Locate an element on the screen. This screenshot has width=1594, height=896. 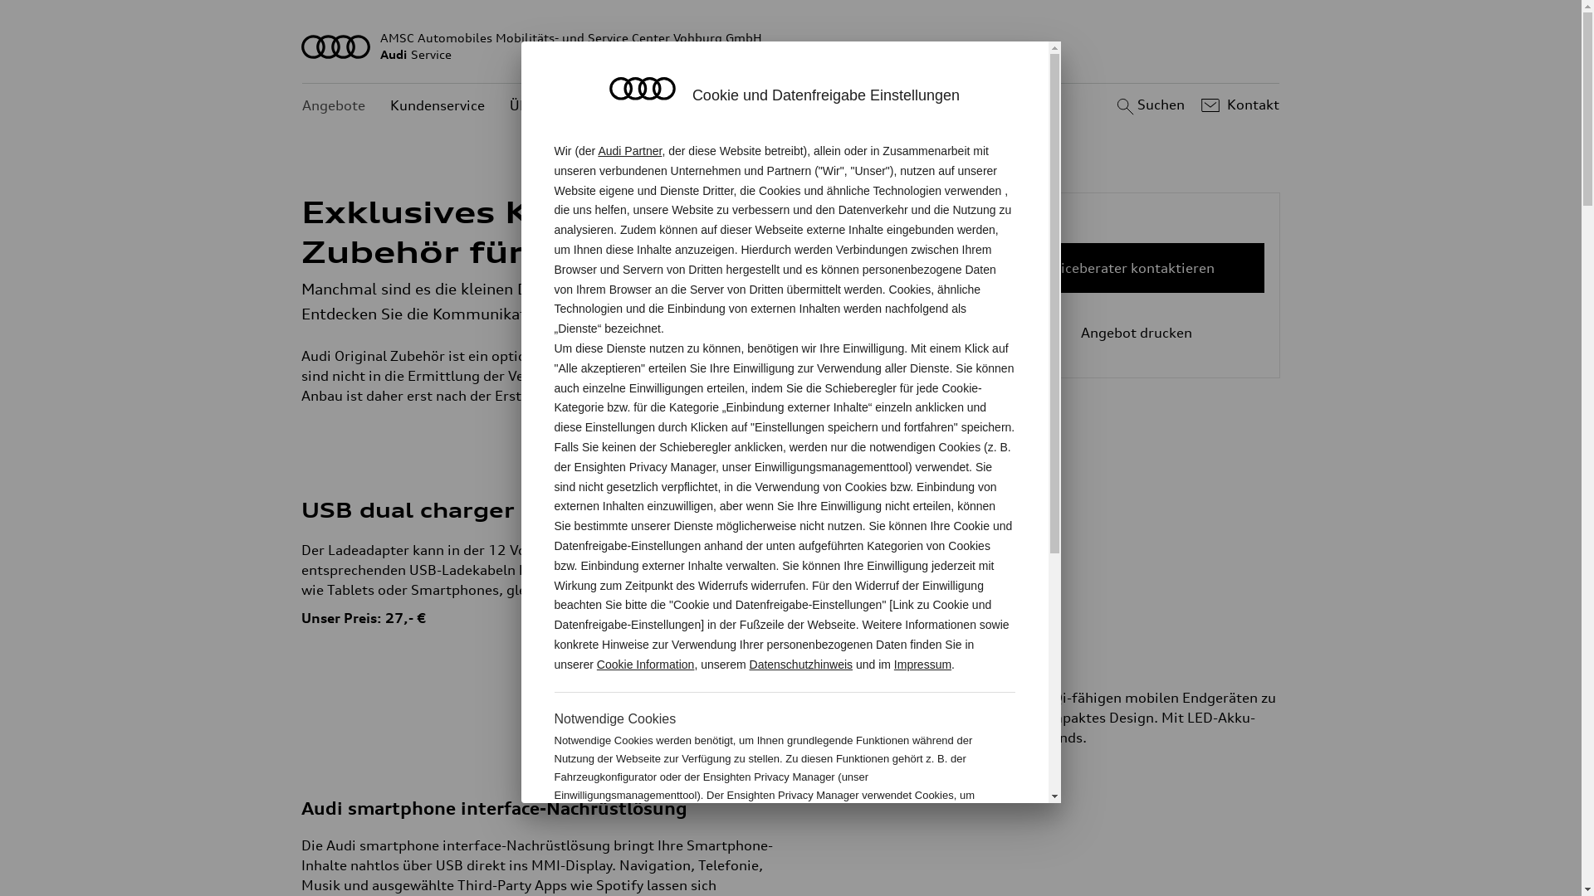
'Angebote' is located at coordinates (333, 105).